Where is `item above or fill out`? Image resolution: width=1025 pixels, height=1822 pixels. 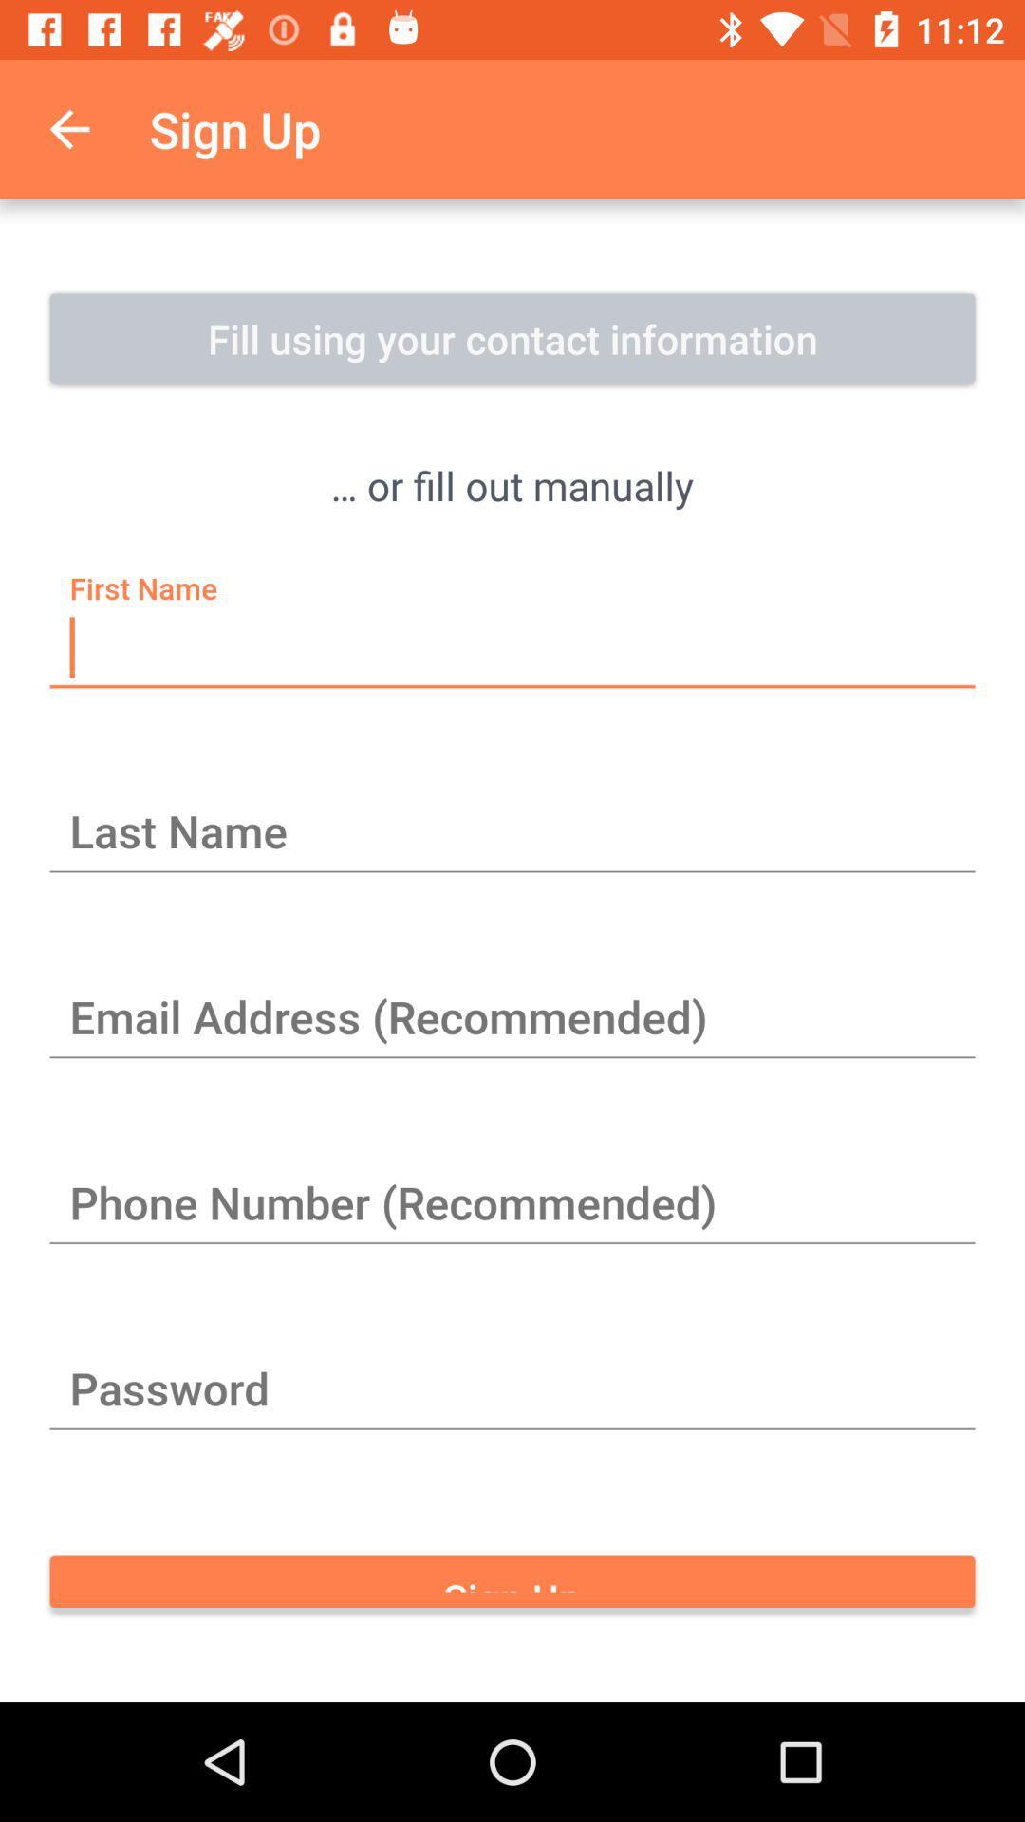
item above or fill out is located at coordinates (512, 338).